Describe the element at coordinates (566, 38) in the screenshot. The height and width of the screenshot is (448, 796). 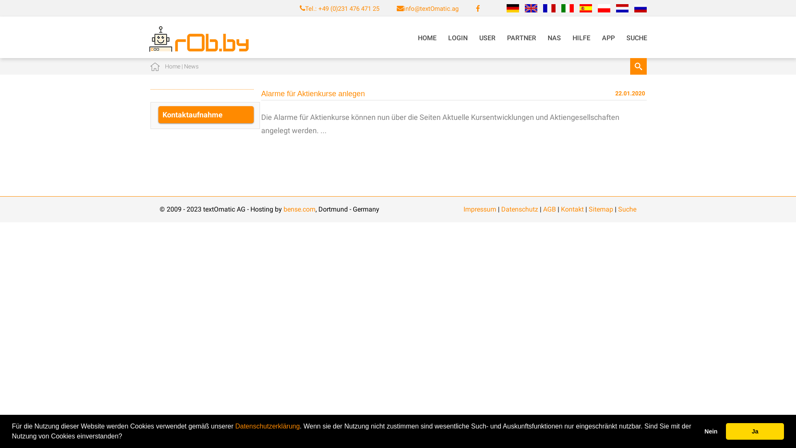
I see `'HILFE'` at that location.